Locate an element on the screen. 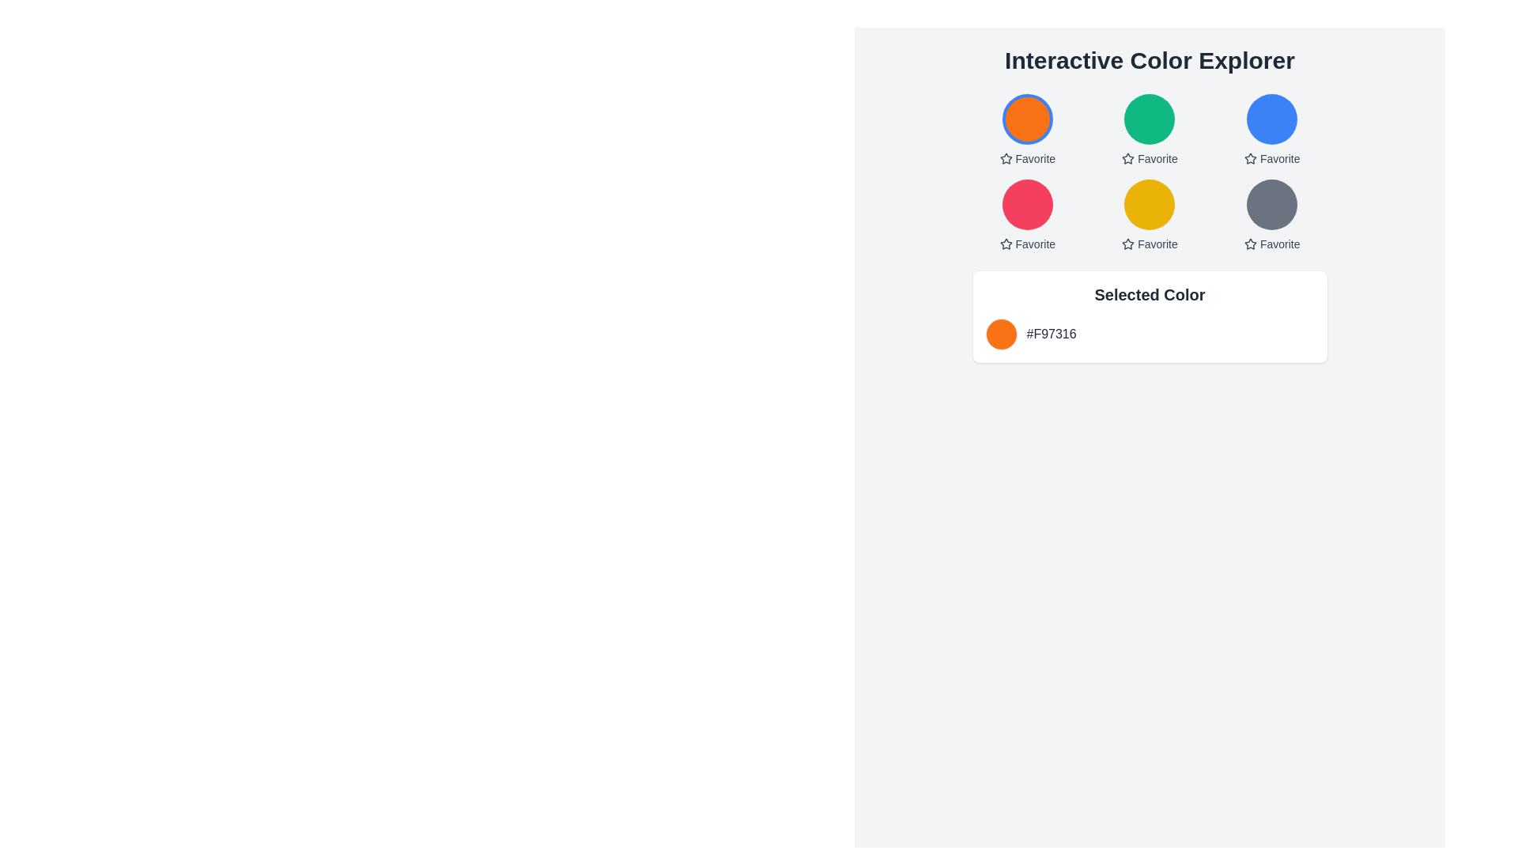 The height and width of the screenshot is (854, 1518). the Text Label that indicates the function of the associated star icon for marking items as favorites, located in the top row, third column of the grid layout is located at coordinates (1280, 158).